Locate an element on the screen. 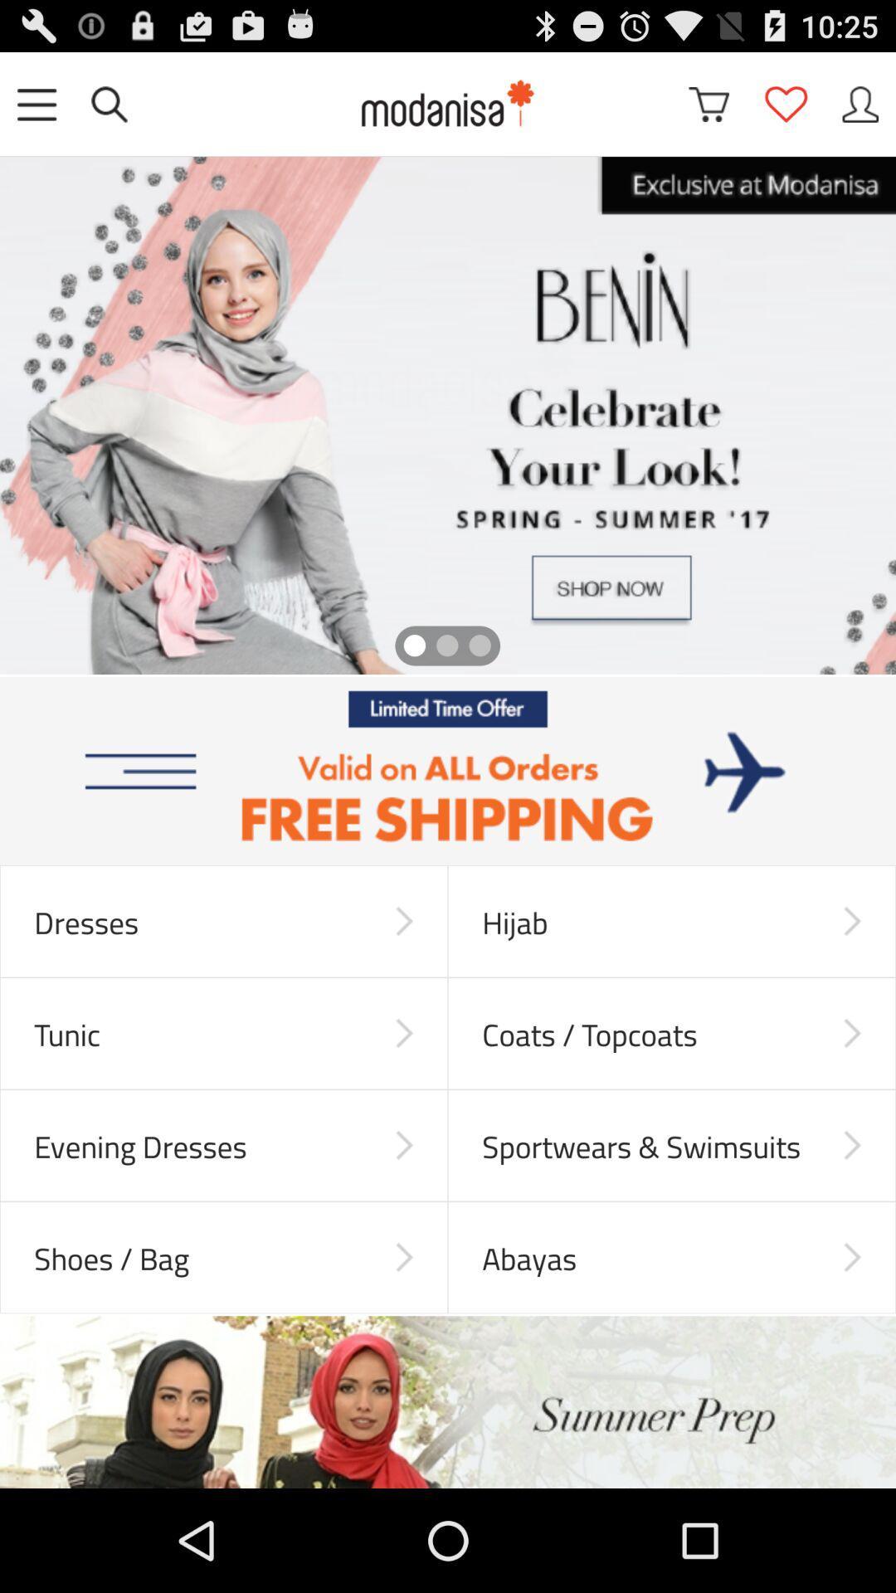 The image size is (896, 1593). open search bar is located at coordinates (109, 103).